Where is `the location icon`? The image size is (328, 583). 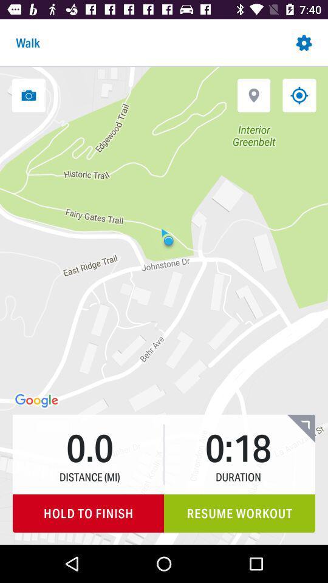
the location icon is located at coordinates (253, 95).